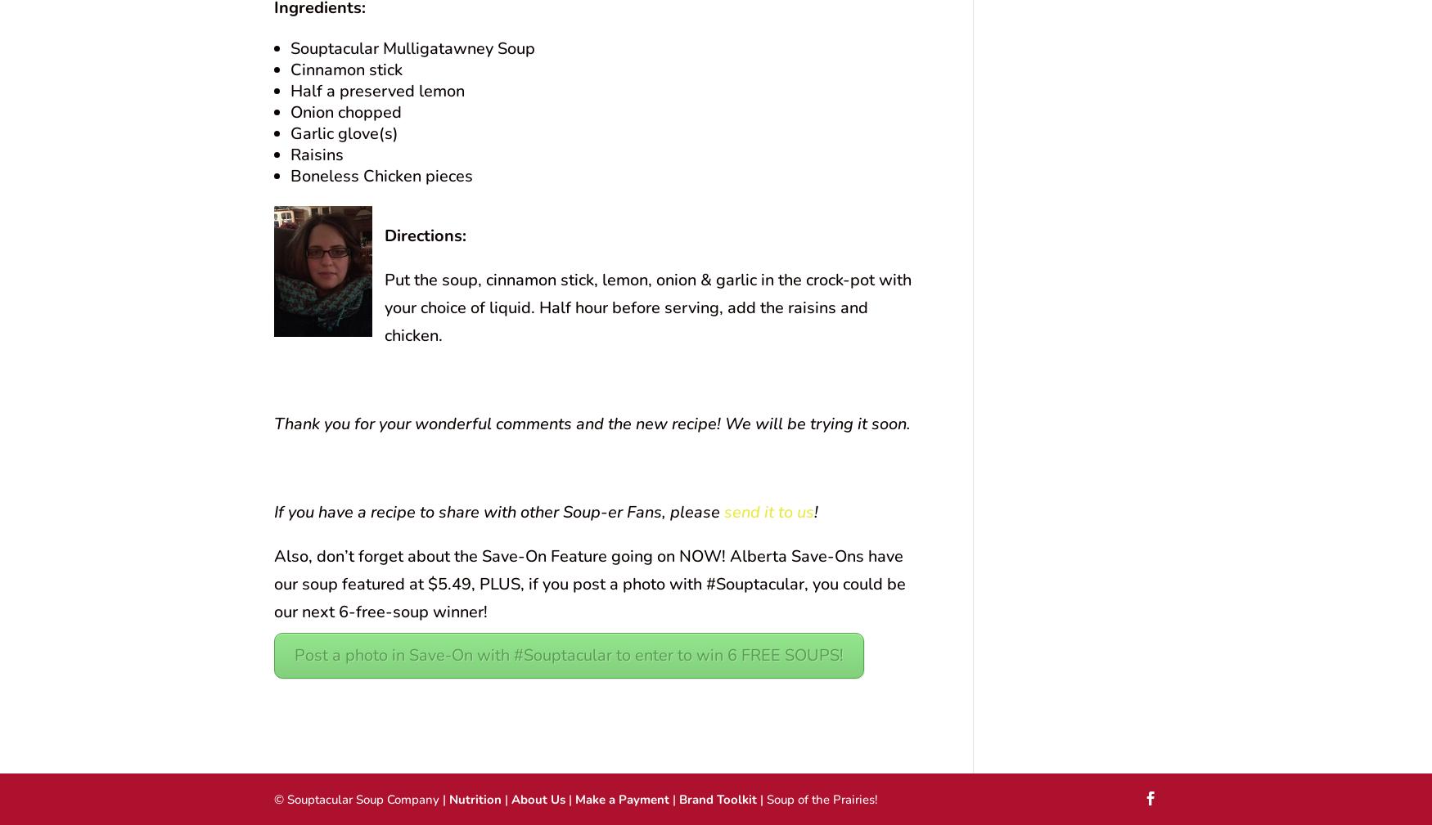 This screenshot has height=825, width=1432. What do you see at coordinates (538, 800) in the screenshot?
I see `'About Us'` at bounding box center [538, 800].